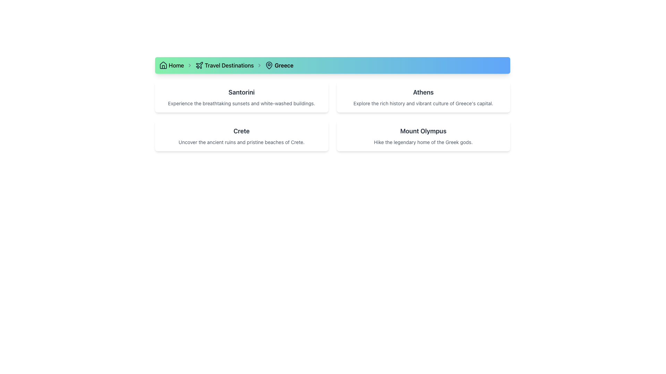  What do you see at coordinates (199, 65) in the screenshot?
I see `the airplane icon in the breadcrumb navigation bar` at bounding box center [199, 65].